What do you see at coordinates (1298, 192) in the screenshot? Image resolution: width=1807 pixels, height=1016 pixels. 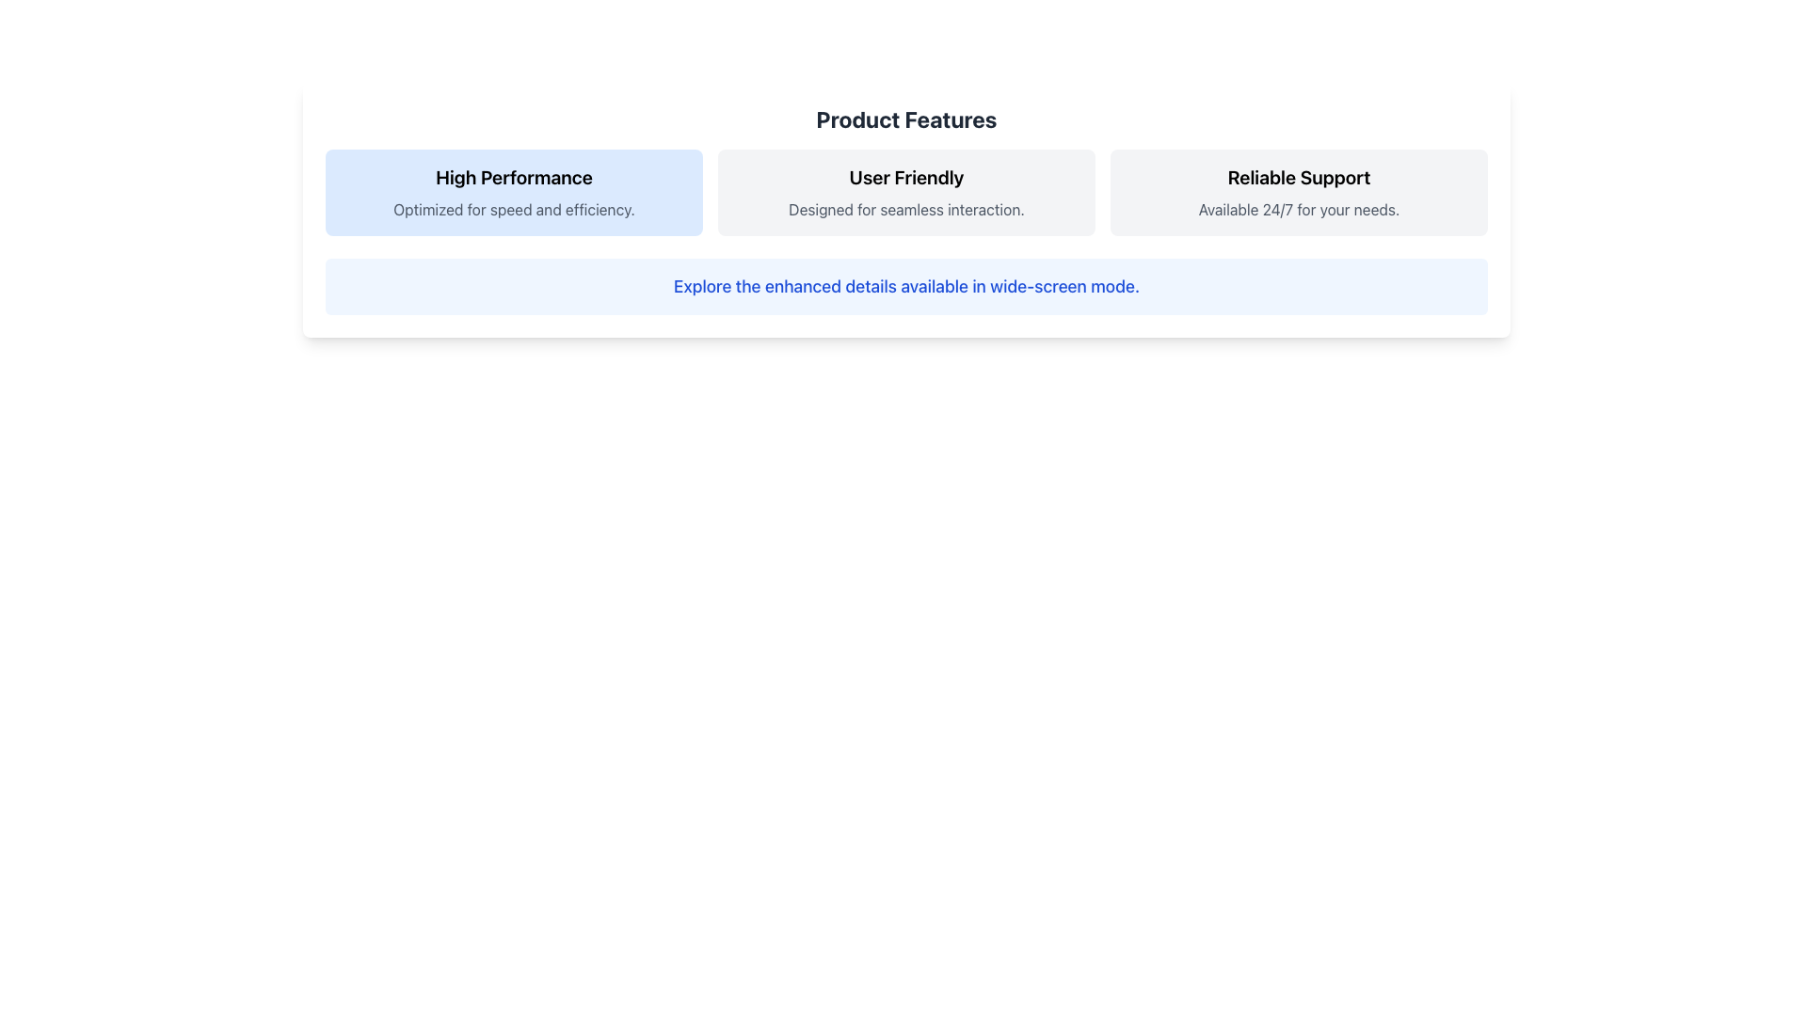 I see `the informational card that highlights the availability of reliable support, which is the third card in a row of three` at bounding box center [1298, 192].